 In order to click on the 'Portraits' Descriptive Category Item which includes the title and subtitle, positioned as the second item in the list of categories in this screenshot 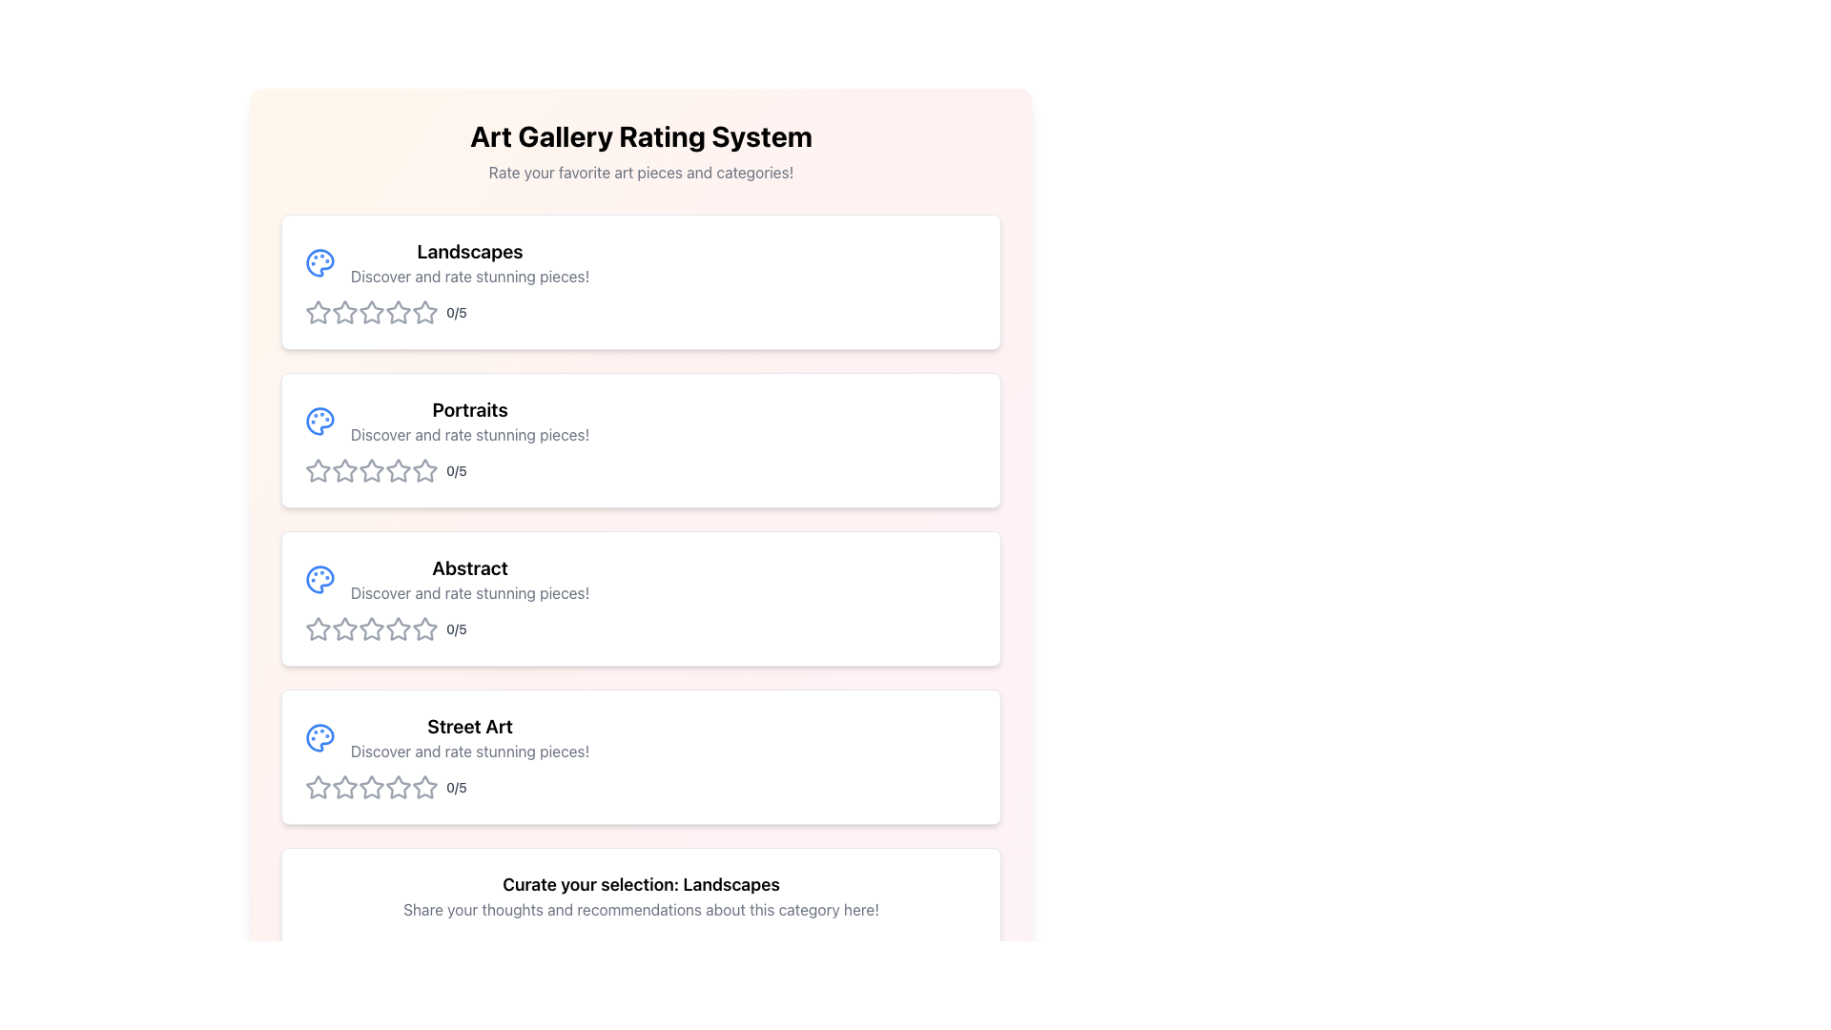, I will do `click(641, 421)`.